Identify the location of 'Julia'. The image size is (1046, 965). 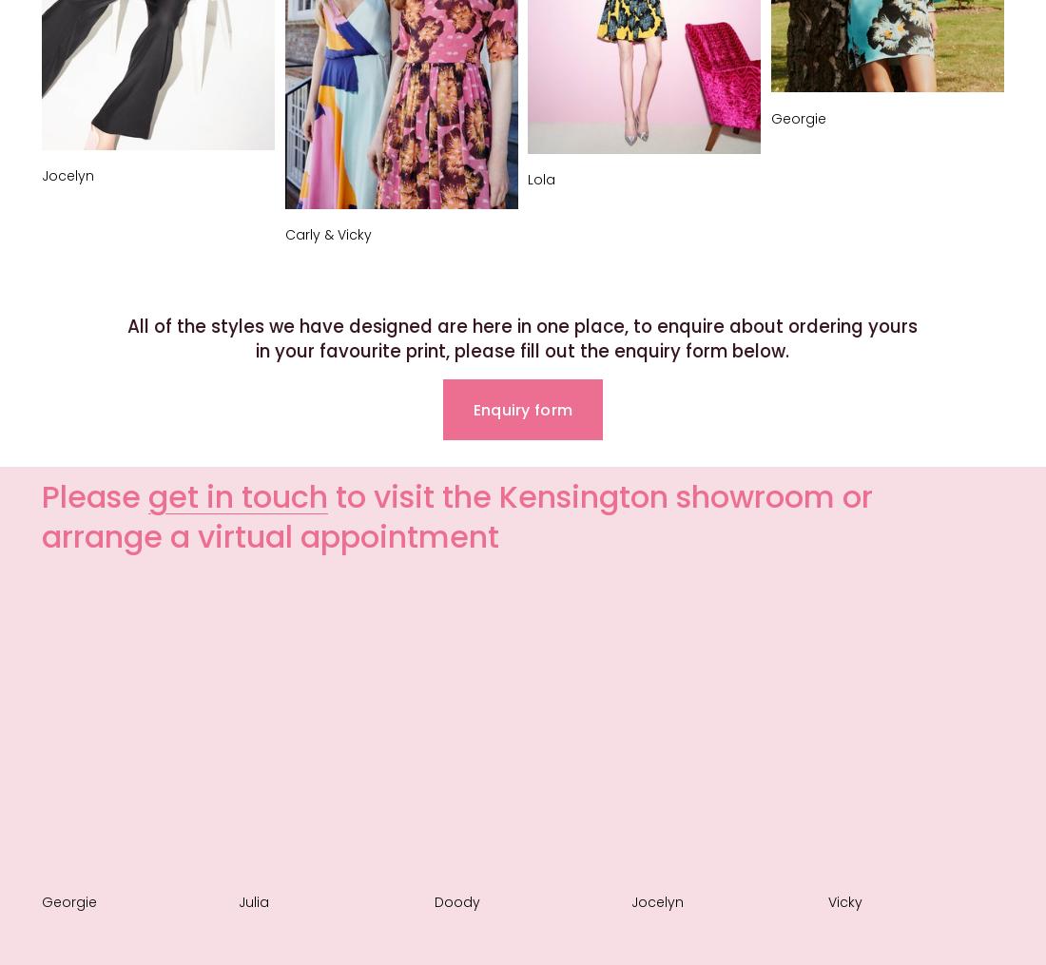
(252, 901).